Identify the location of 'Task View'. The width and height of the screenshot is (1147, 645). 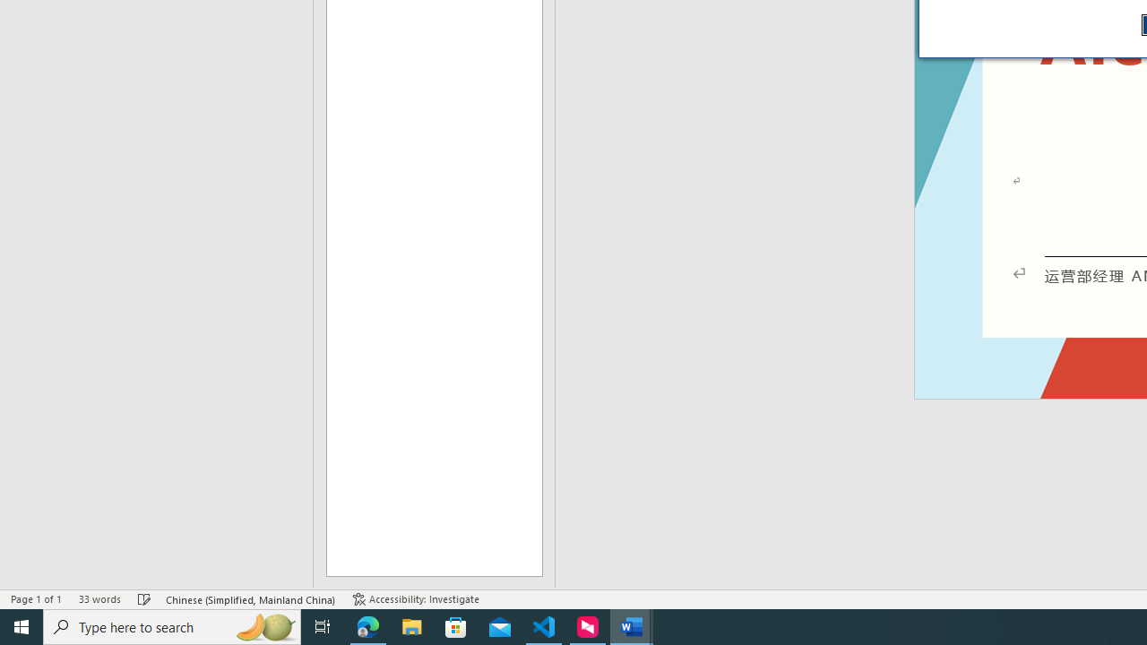
(322, 625).